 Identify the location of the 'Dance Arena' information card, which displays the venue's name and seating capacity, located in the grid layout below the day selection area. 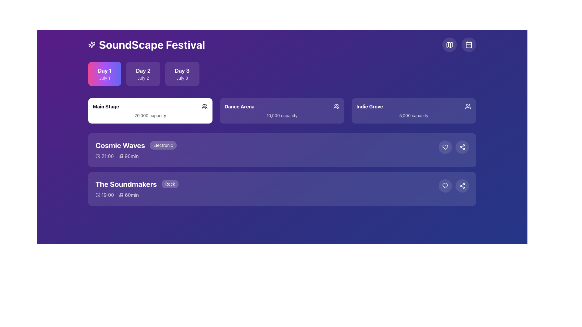
(282, 111).